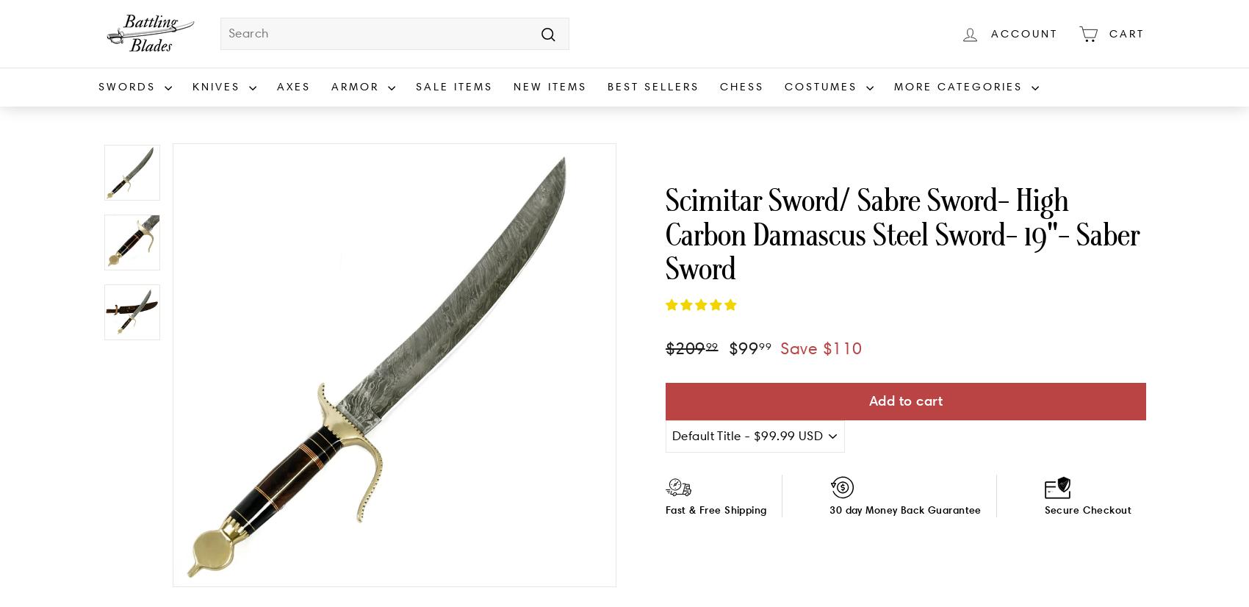 This screenshot has height=607, width=1249. Describe the element at coordinates (215, 295) in the screenshot. I see `'Skinners'` at that location.